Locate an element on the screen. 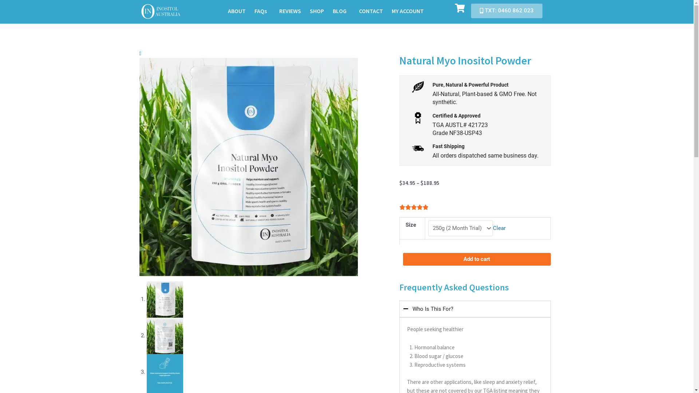 This screenshot has width=699, height=393. 'REVIEWS' is located at coordinates (289, 11).